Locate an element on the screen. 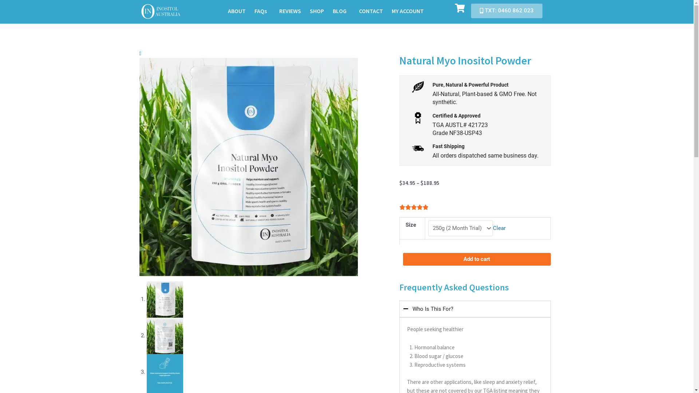 This screenshot has width=699, height=393. 'REVIEWS' is located at coordinates (289, 11).